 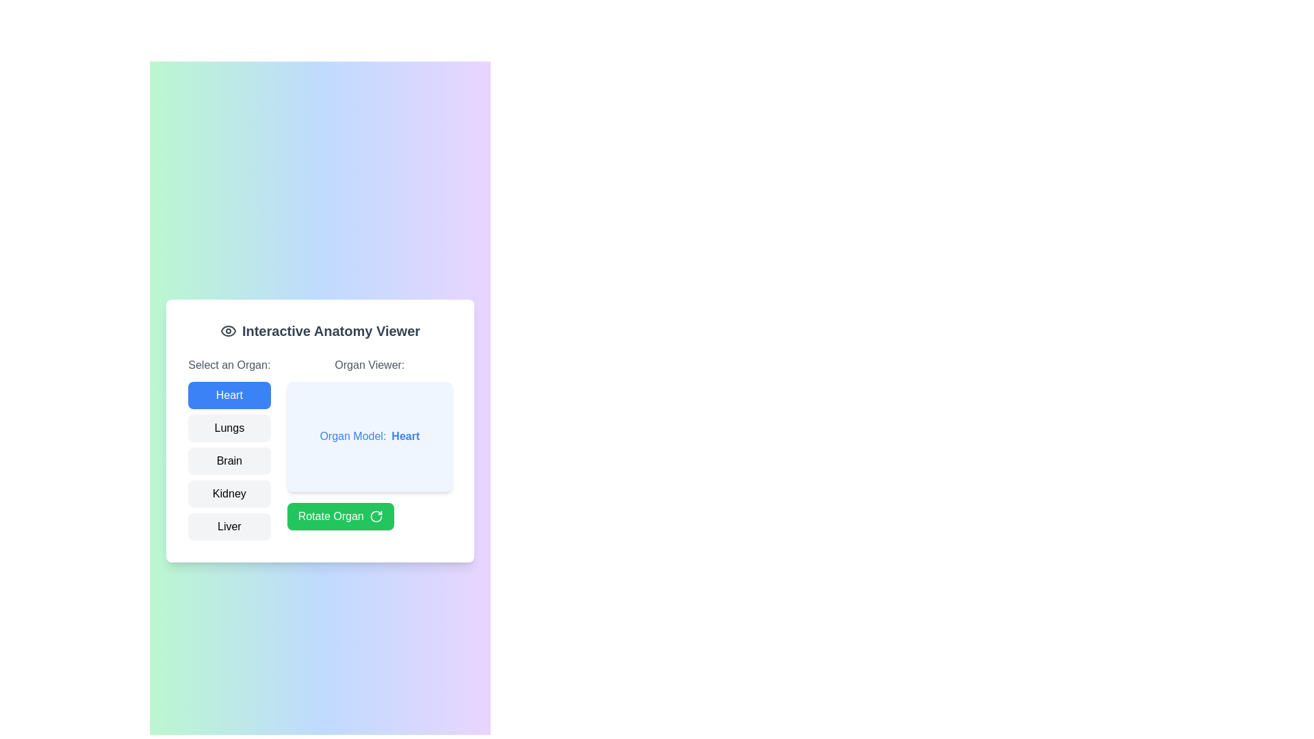 What do you see at coordinates (229, 396) in the screenshot?
I see `the first button under the 'Select an Organ:' section` at bounding box center [229, 396].